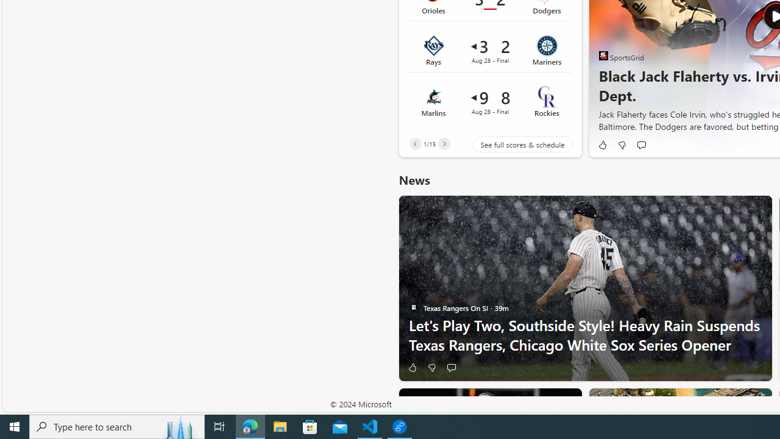  What do you see at coordinates (603, 55) in the screenshot?
I see `'SportsGrid'` at bounding box center [603, 55].